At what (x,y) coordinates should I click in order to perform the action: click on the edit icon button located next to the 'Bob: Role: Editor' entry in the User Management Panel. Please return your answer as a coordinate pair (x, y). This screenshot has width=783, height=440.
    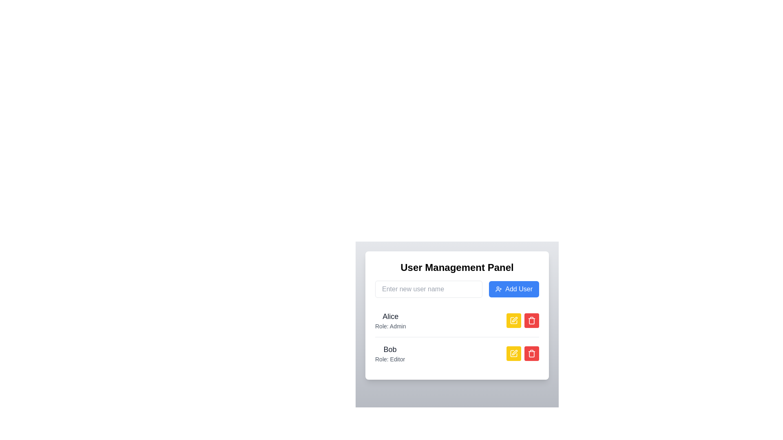
    Looking at the image, I should click on (514, 319).